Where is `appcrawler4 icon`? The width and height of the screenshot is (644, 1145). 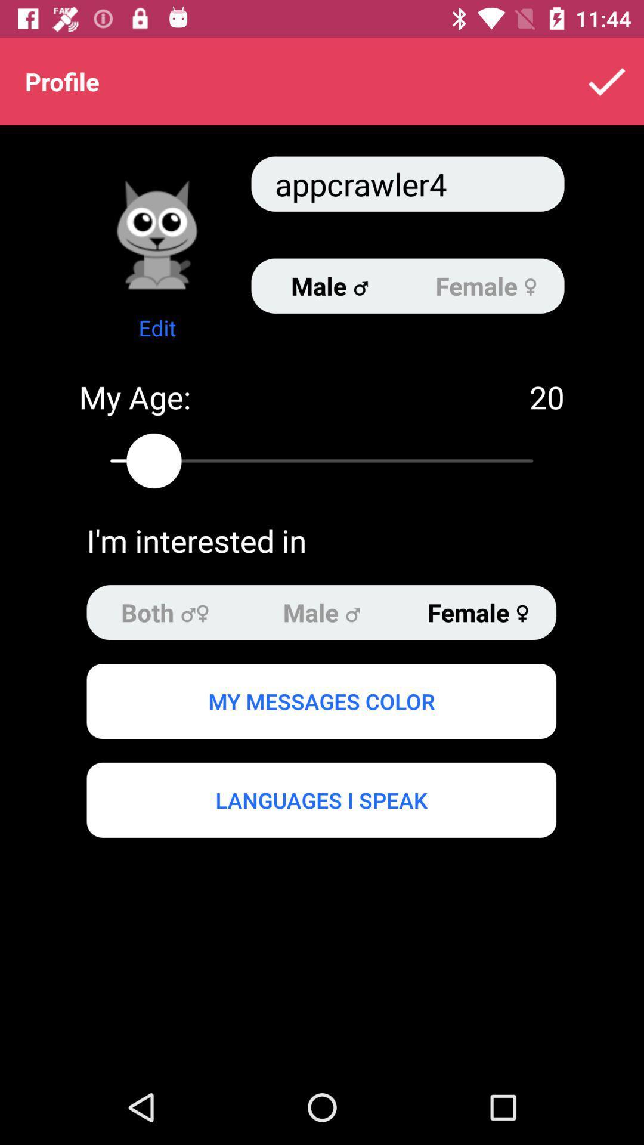 appcrawler4 icon is located at coordinates (407, 183).